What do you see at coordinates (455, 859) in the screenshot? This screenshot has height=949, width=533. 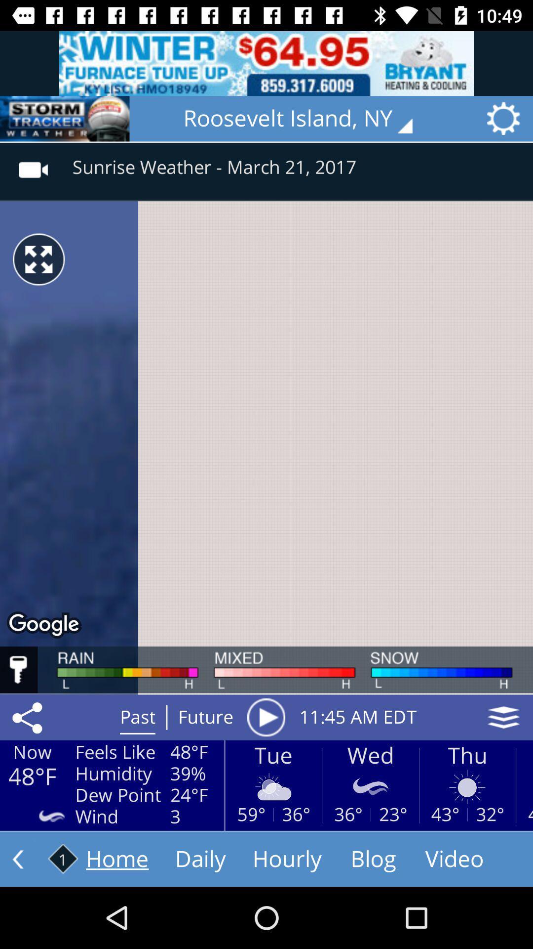 I see `the video button at bottom right` at bounding box center [455, 859].